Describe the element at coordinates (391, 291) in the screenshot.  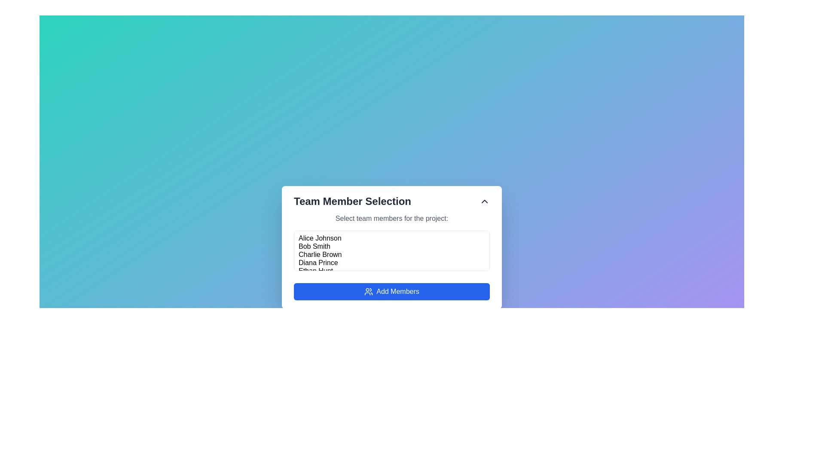
I see `the blue 'Add Members' button with white text and an icon of two user silhouettes` at that location.